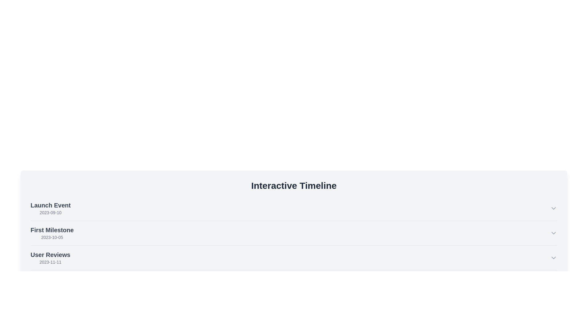  Describe the element at coordinates (553, 233) in the screenshot. I see `the downward-pointing gray arrow icon located to the right of the 'First Milestone' label and the date '2023-10-05'` at that location.